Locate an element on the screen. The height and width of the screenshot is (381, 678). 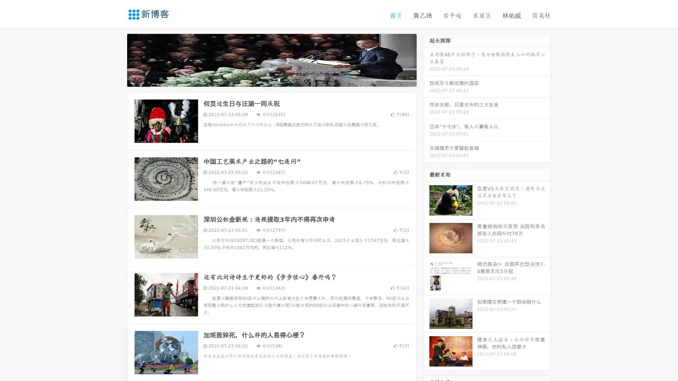
Go to slide 1 is located at coordinates (264, 79).